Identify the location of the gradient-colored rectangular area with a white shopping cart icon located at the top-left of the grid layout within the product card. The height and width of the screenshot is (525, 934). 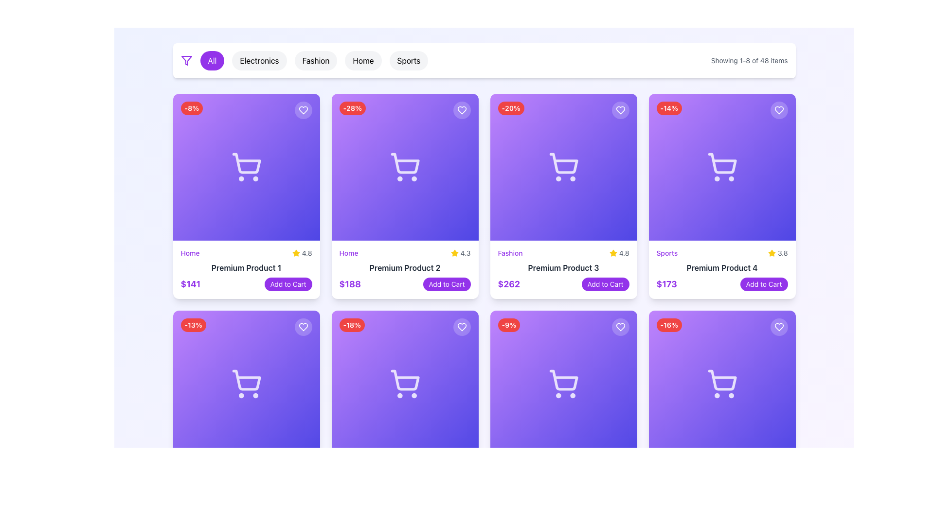
(246, 166).